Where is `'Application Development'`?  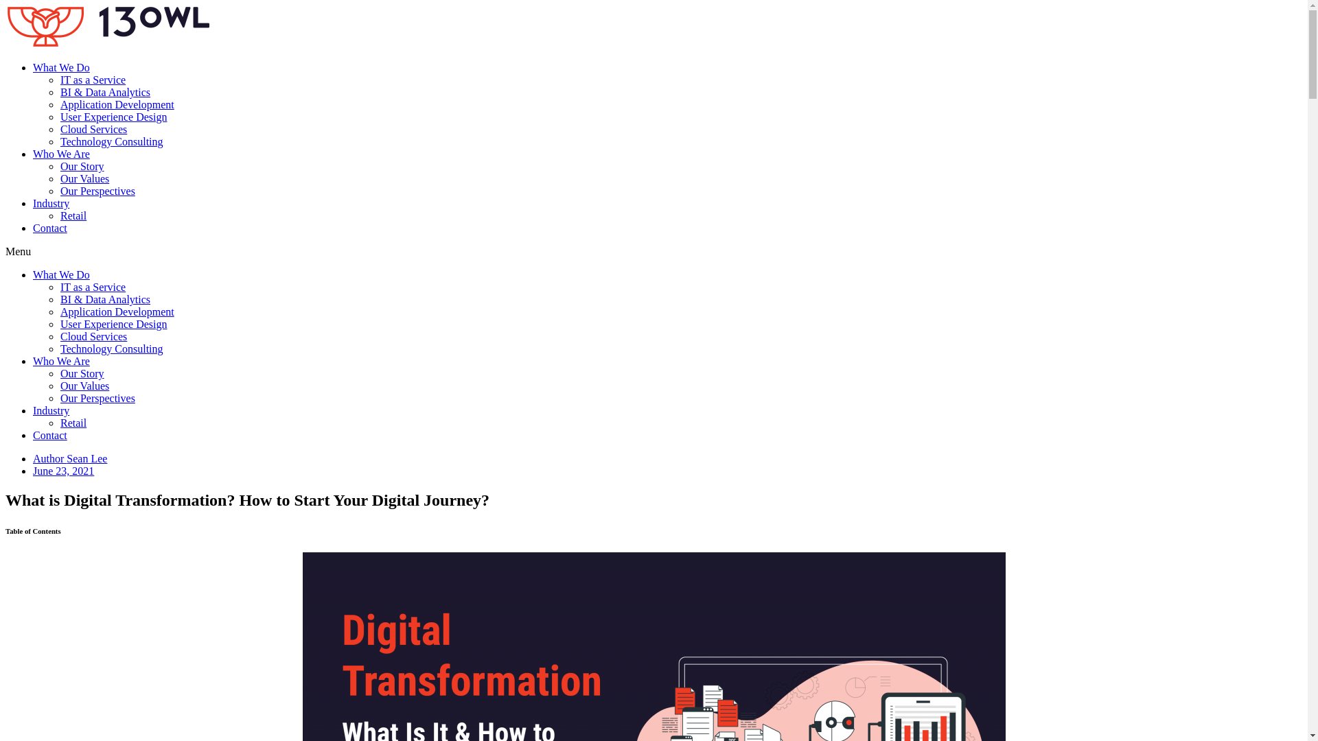 'Application Development' is located at coordinates (117, 104).